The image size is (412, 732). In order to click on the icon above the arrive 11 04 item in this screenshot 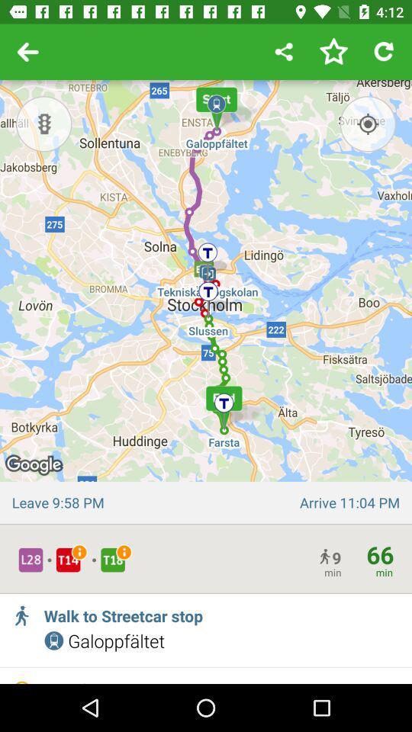, I will do `click(367, 123)`.